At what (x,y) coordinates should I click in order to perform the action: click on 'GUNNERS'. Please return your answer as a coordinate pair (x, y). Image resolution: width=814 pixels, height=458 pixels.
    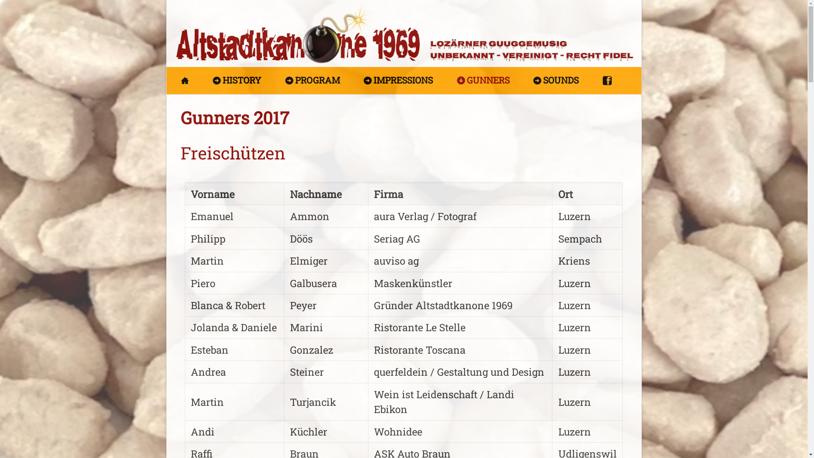
    Looking at the image, I should click on (452, 80).